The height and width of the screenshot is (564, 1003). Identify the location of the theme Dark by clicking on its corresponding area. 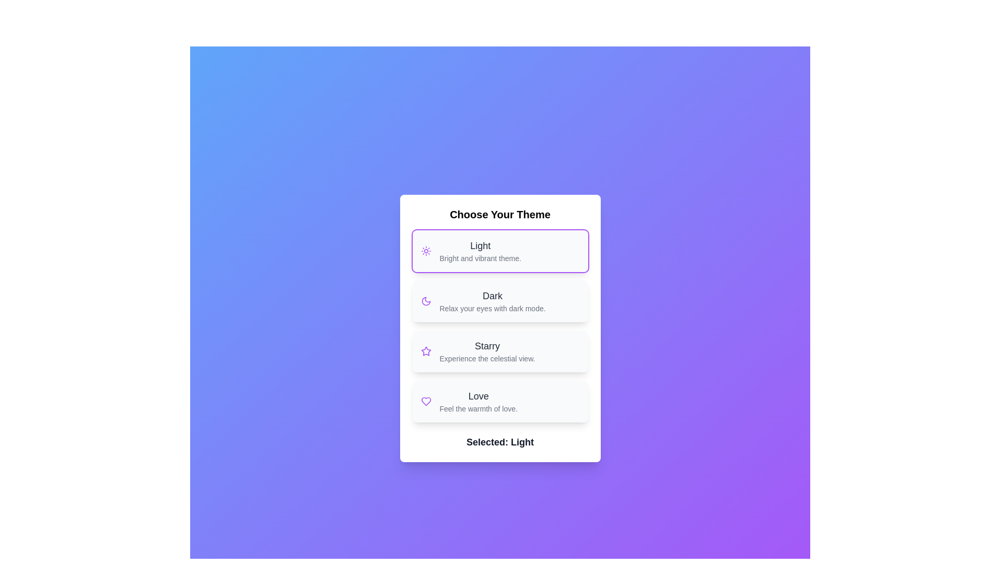
(499, 301).